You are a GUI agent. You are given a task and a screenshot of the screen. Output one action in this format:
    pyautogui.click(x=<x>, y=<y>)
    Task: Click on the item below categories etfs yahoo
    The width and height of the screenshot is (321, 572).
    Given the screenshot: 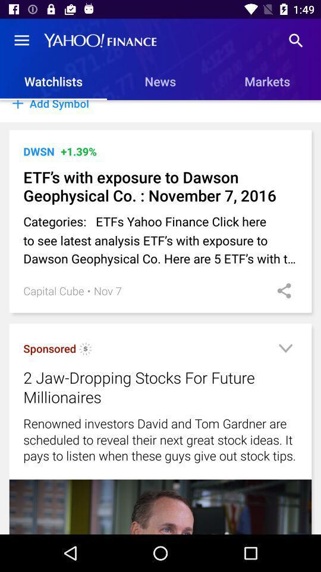 What is the action you would take?
    pyautogui.click(x=108, y=290)
    